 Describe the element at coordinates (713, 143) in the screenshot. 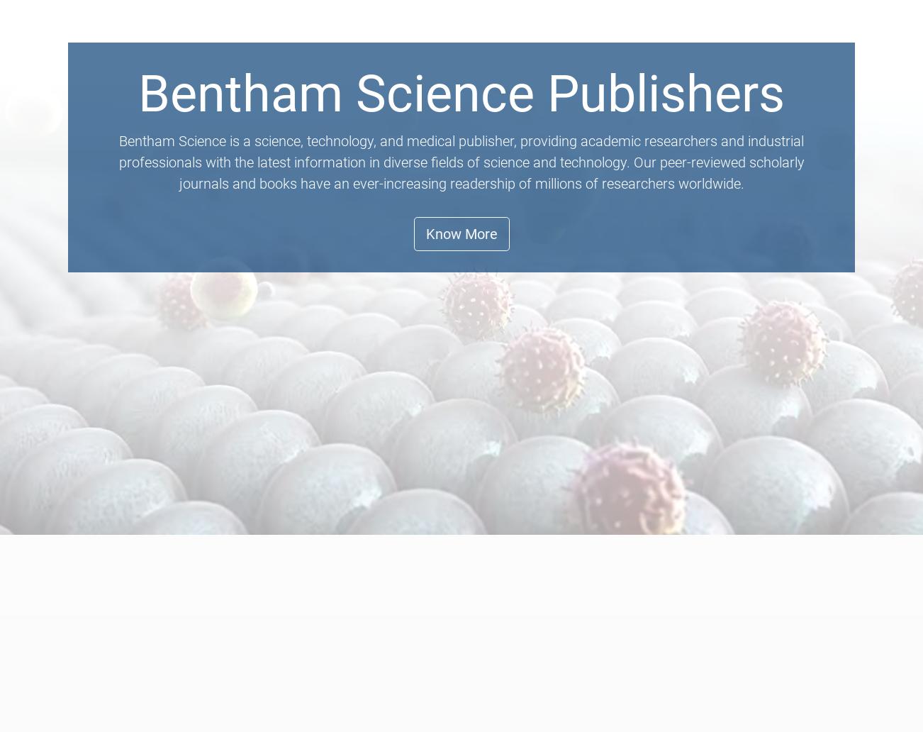

I see `'Subscriptions'` at that location.